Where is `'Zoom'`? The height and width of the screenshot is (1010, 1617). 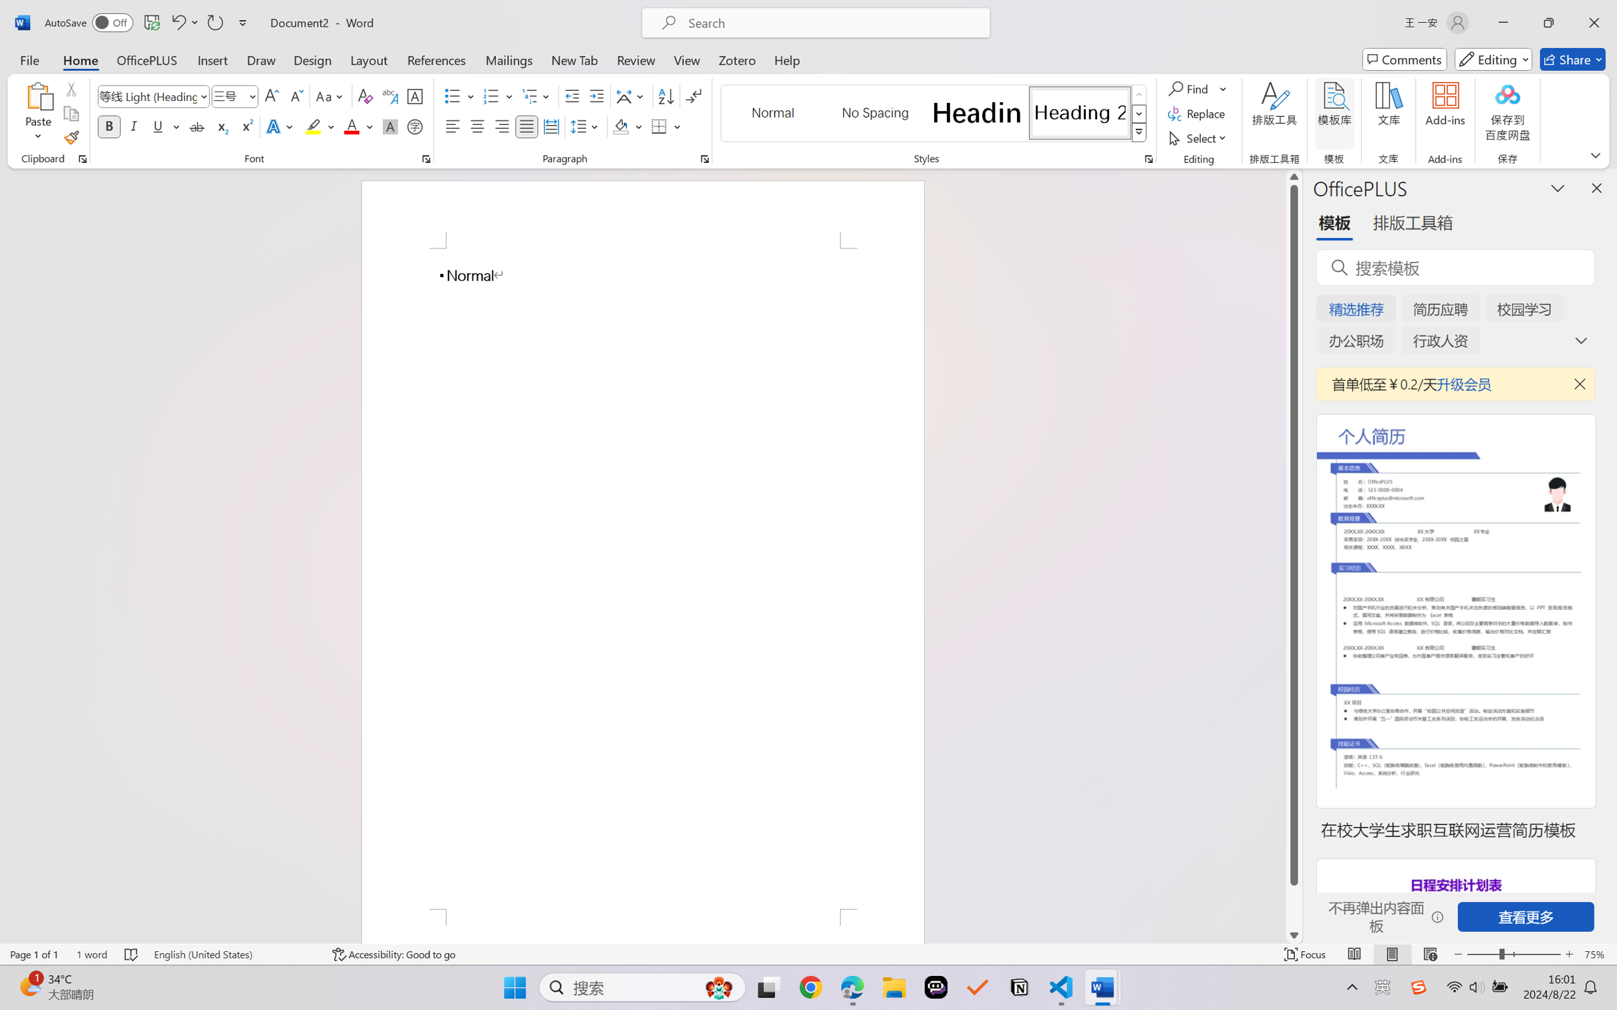
'Zoom' is located at coordinates (1514, 954).